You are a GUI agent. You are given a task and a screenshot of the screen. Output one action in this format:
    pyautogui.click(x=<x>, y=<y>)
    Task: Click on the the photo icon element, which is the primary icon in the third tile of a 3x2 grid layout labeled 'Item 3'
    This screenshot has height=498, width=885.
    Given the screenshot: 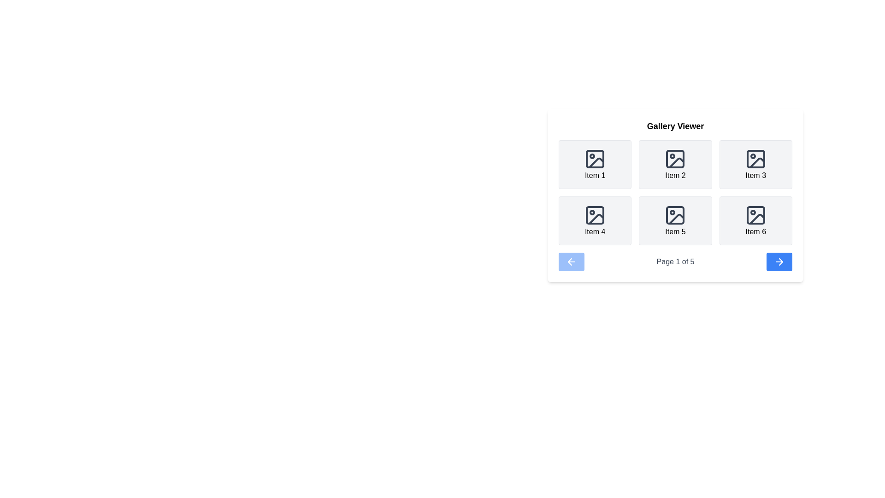 What is the action you would take?
    pyautogui.click(x=755, y=158)
    